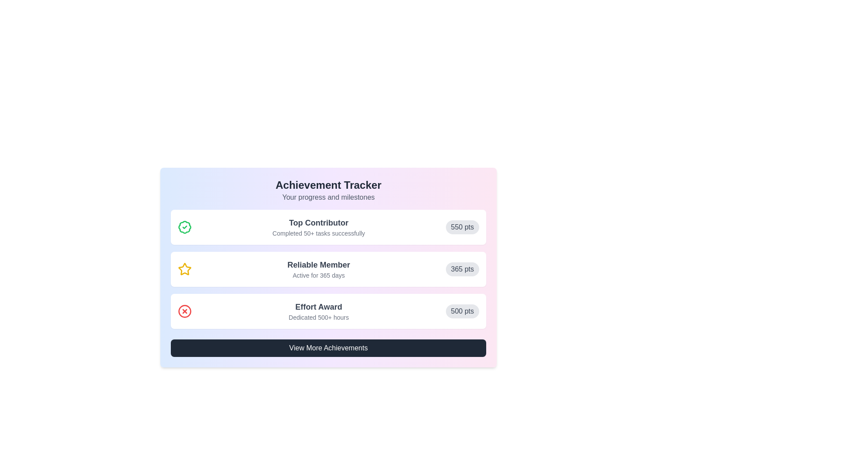 The image size is (841, 473). Describe the element at coordinates (318, 275) in the screenshot. I see `the Text label located directly beneath the 'Reliable Member' title in the second row of the achievement items` at that location.